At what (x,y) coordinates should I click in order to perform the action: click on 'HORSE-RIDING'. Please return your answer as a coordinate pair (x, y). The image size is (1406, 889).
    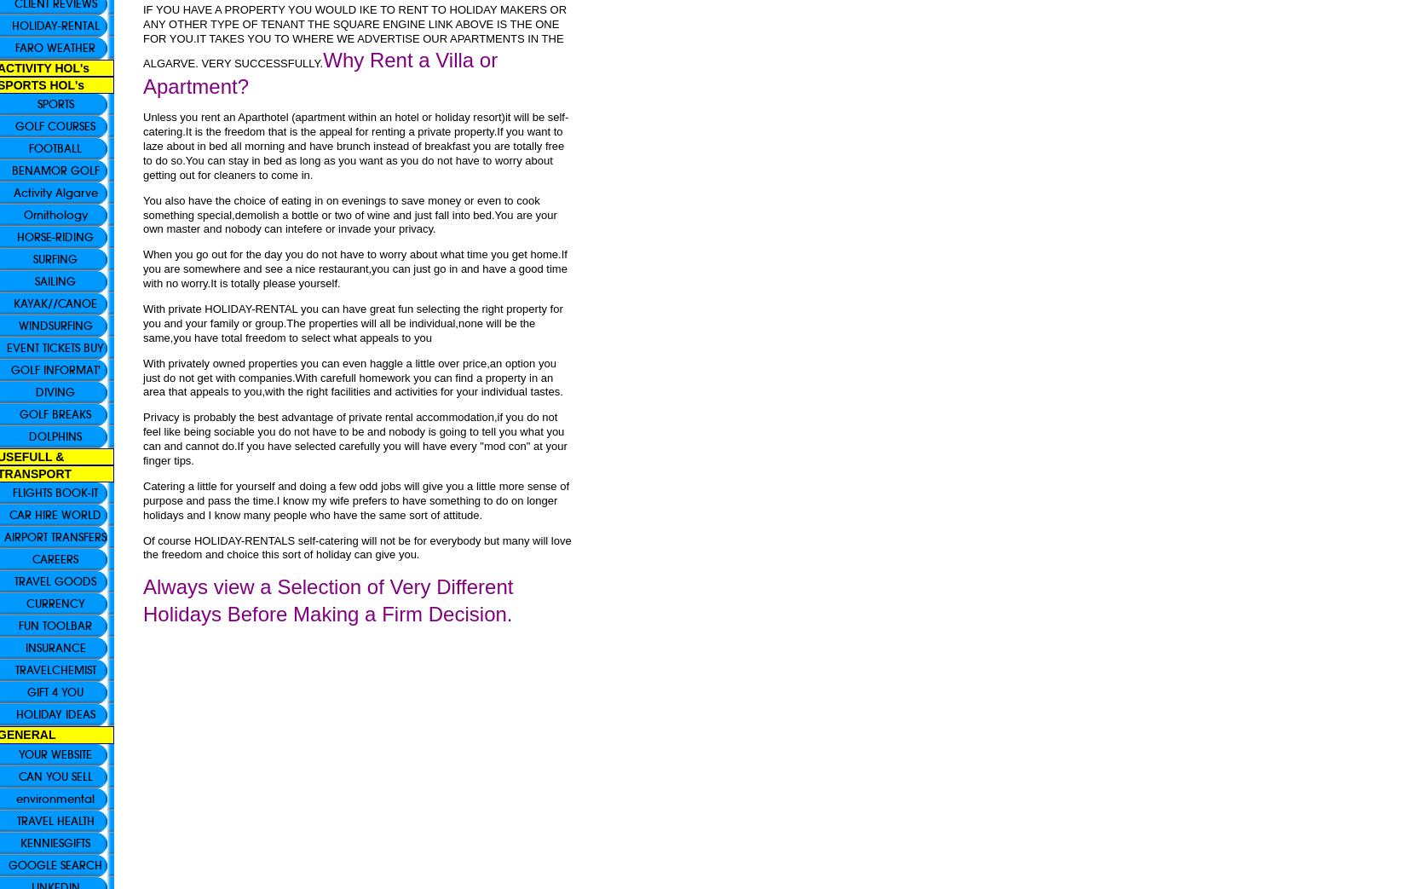
    Looking at the image, I should click on (55, 237).